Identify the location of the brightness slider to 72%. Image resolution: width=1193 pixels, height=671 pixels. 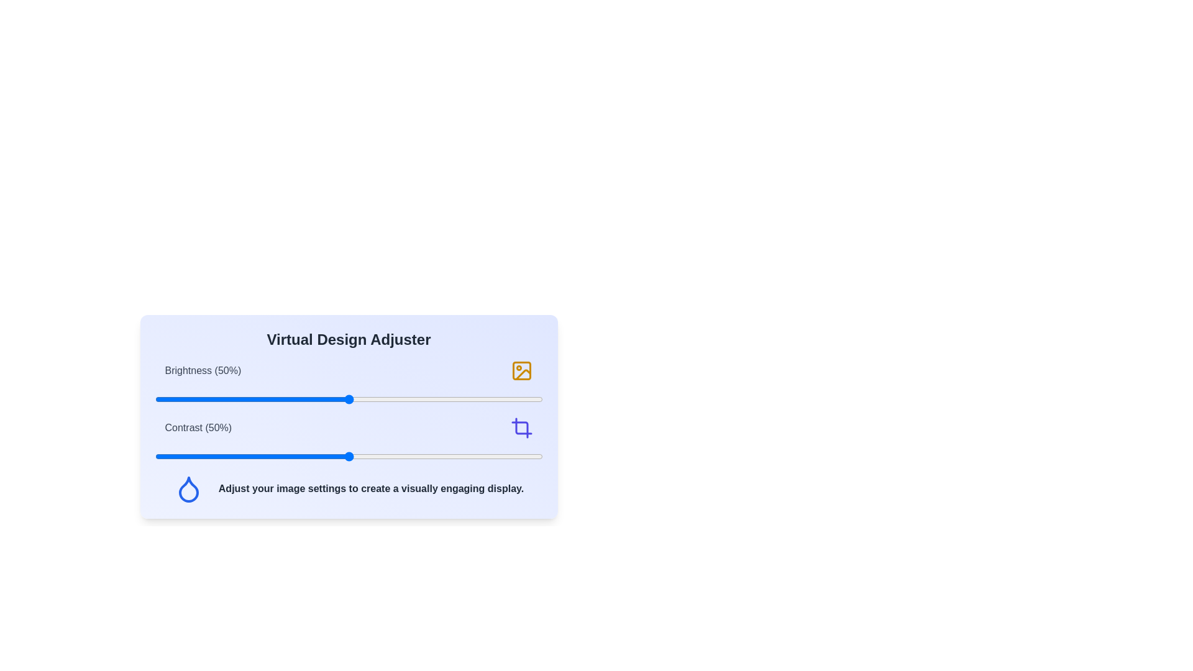
(434, 399).